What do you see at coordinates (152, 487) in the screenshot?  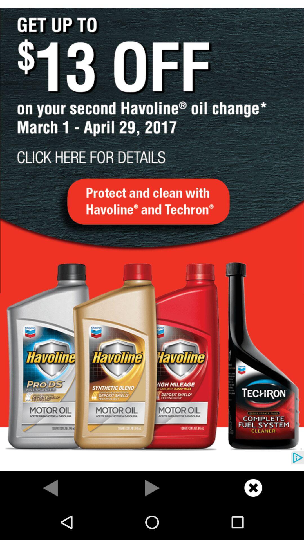 I see `play` at bounding box center [152, 487].